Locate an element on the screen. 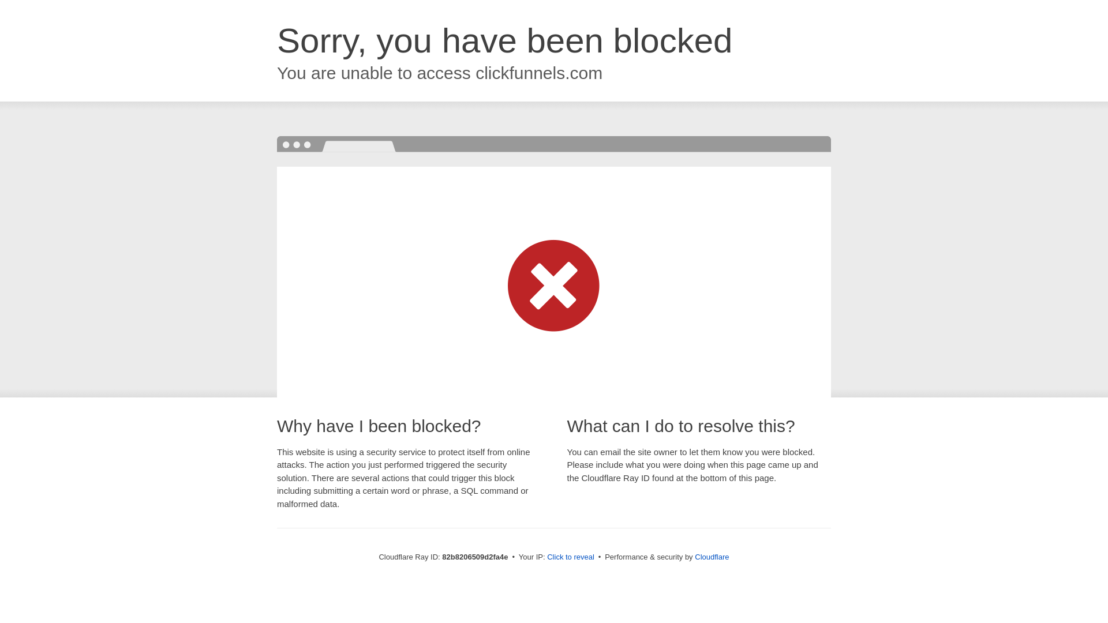 The image size is (1108, 623). 'Cloudflare' is located at coordinates (711, 556).